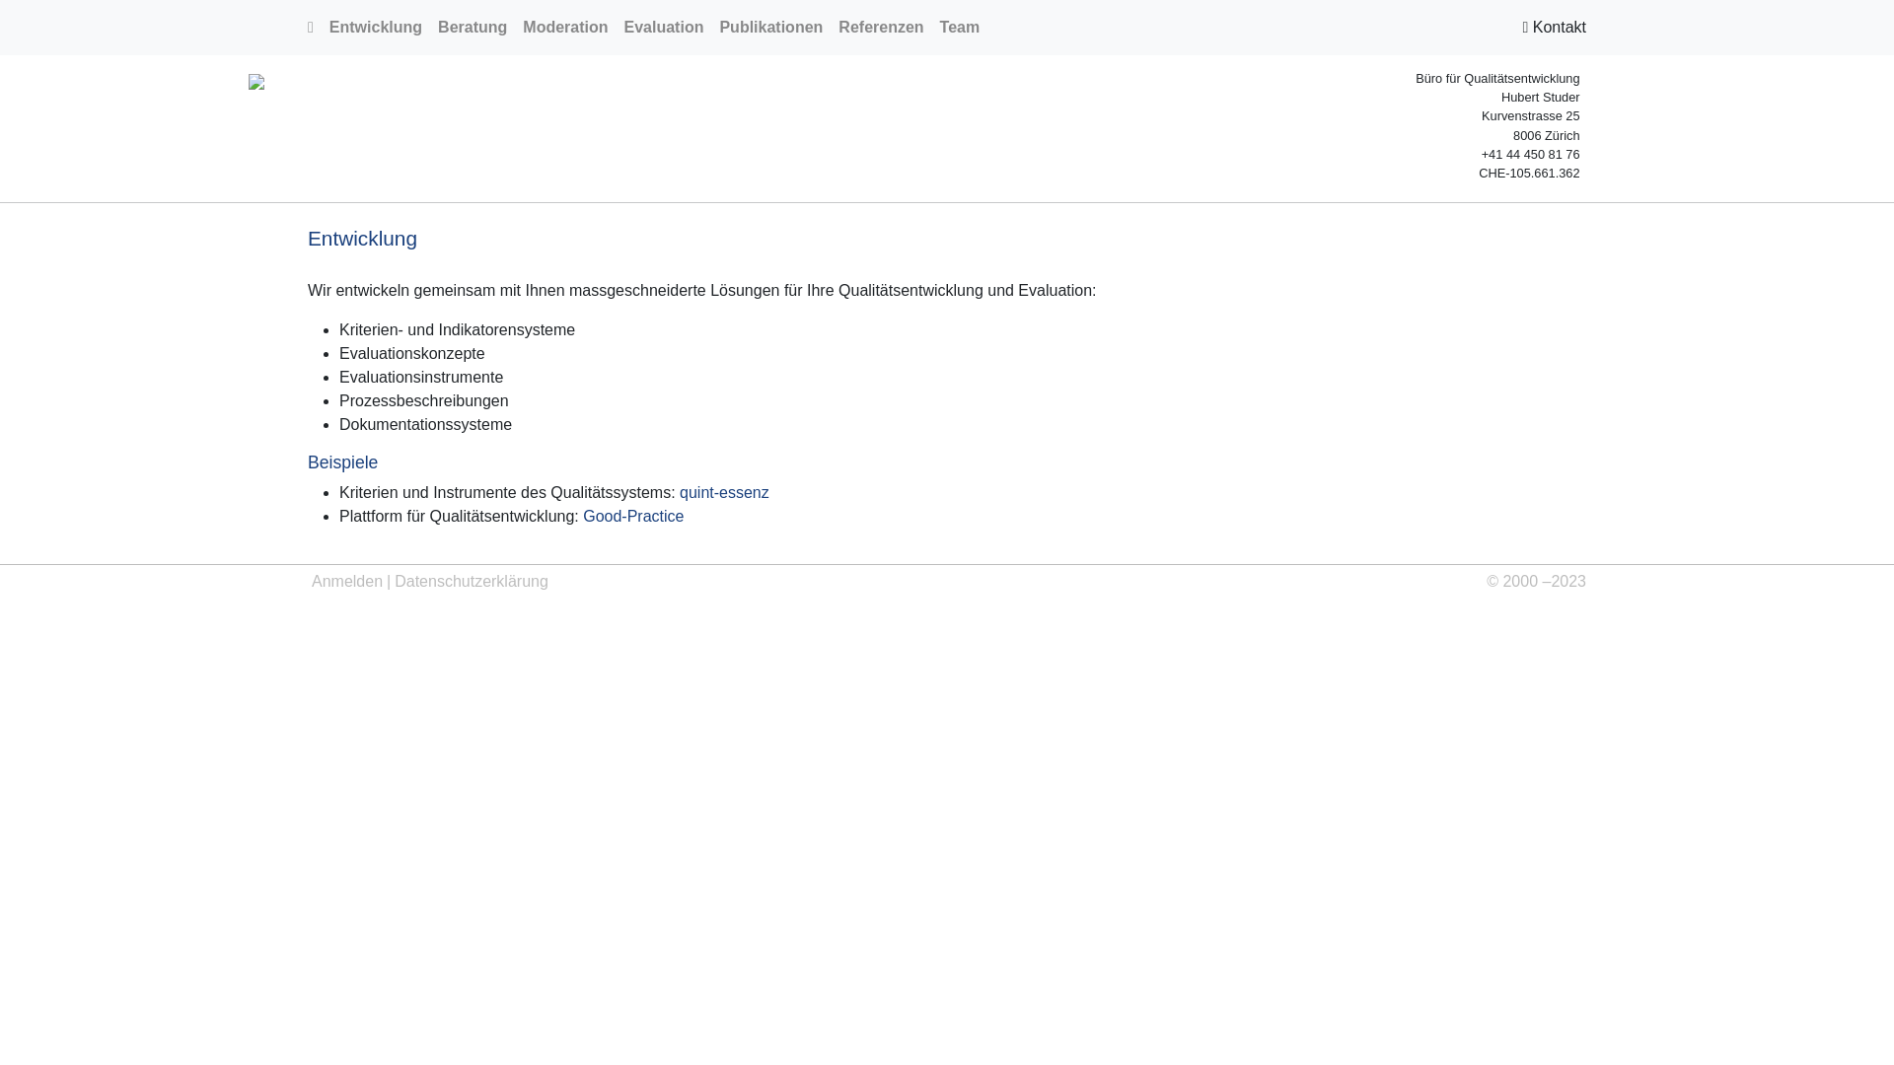 This screenshot has height=1065, width=1894. Describe the element at coordinates (633, 515) in the screenshot. I see `'Good-Practice'` at that location.